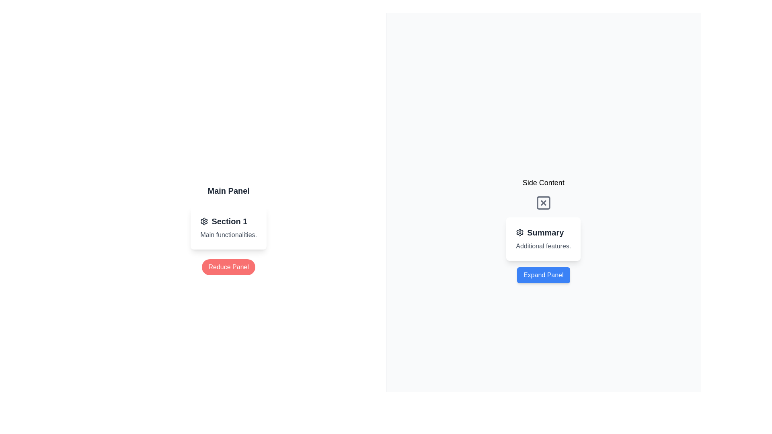 The image size is (772, 434). Describe the element at coordinates (543, 275) in the screenshot. I see `the 'Expand Panel' button, which is a rectangular button with rounded corners and a blue background located in the 'Side Content' section beneath the 'Summary' card` at that location.